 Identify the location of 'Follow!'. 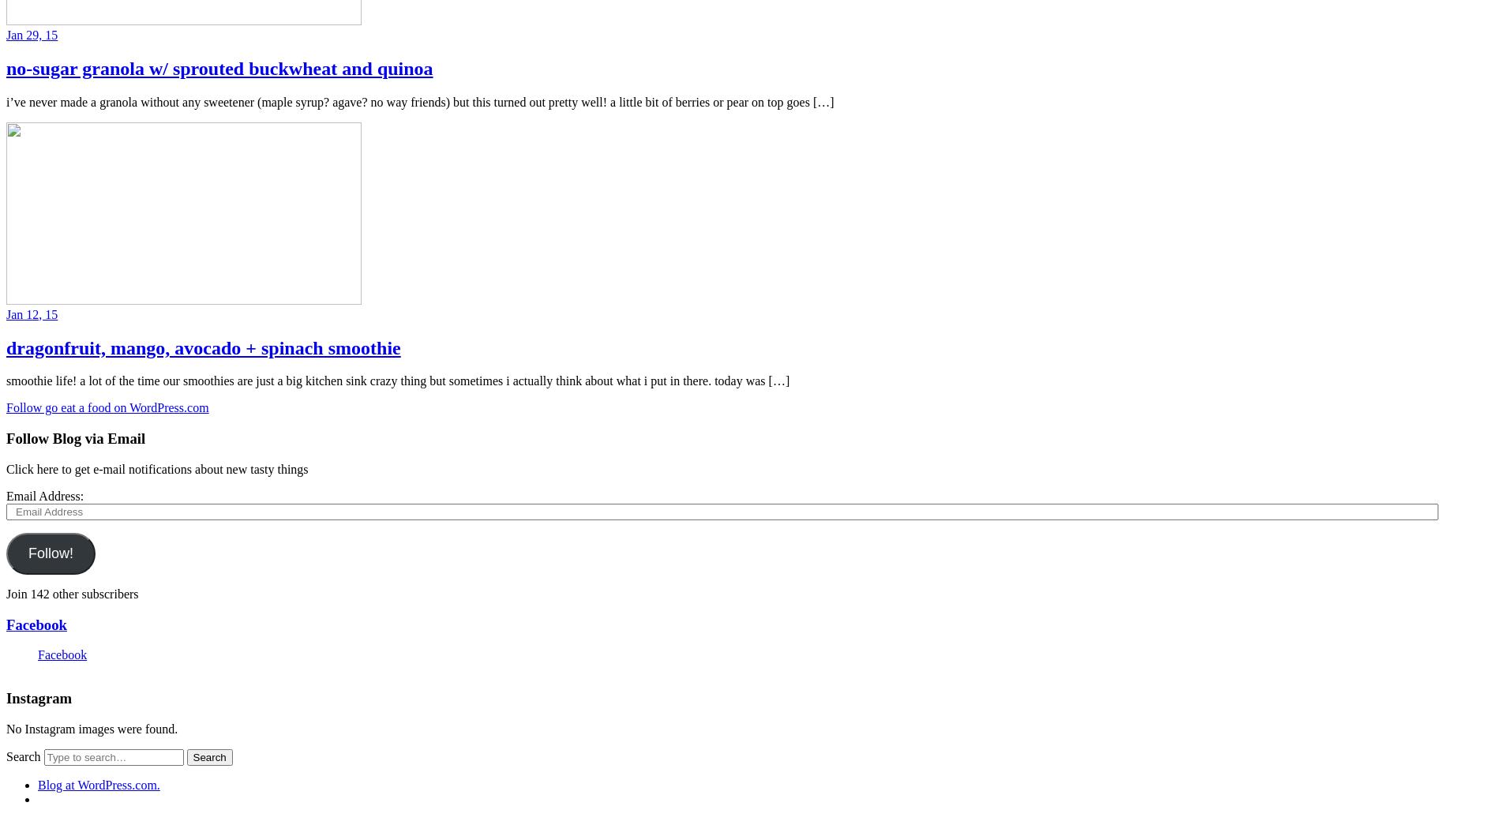
(51, 553).